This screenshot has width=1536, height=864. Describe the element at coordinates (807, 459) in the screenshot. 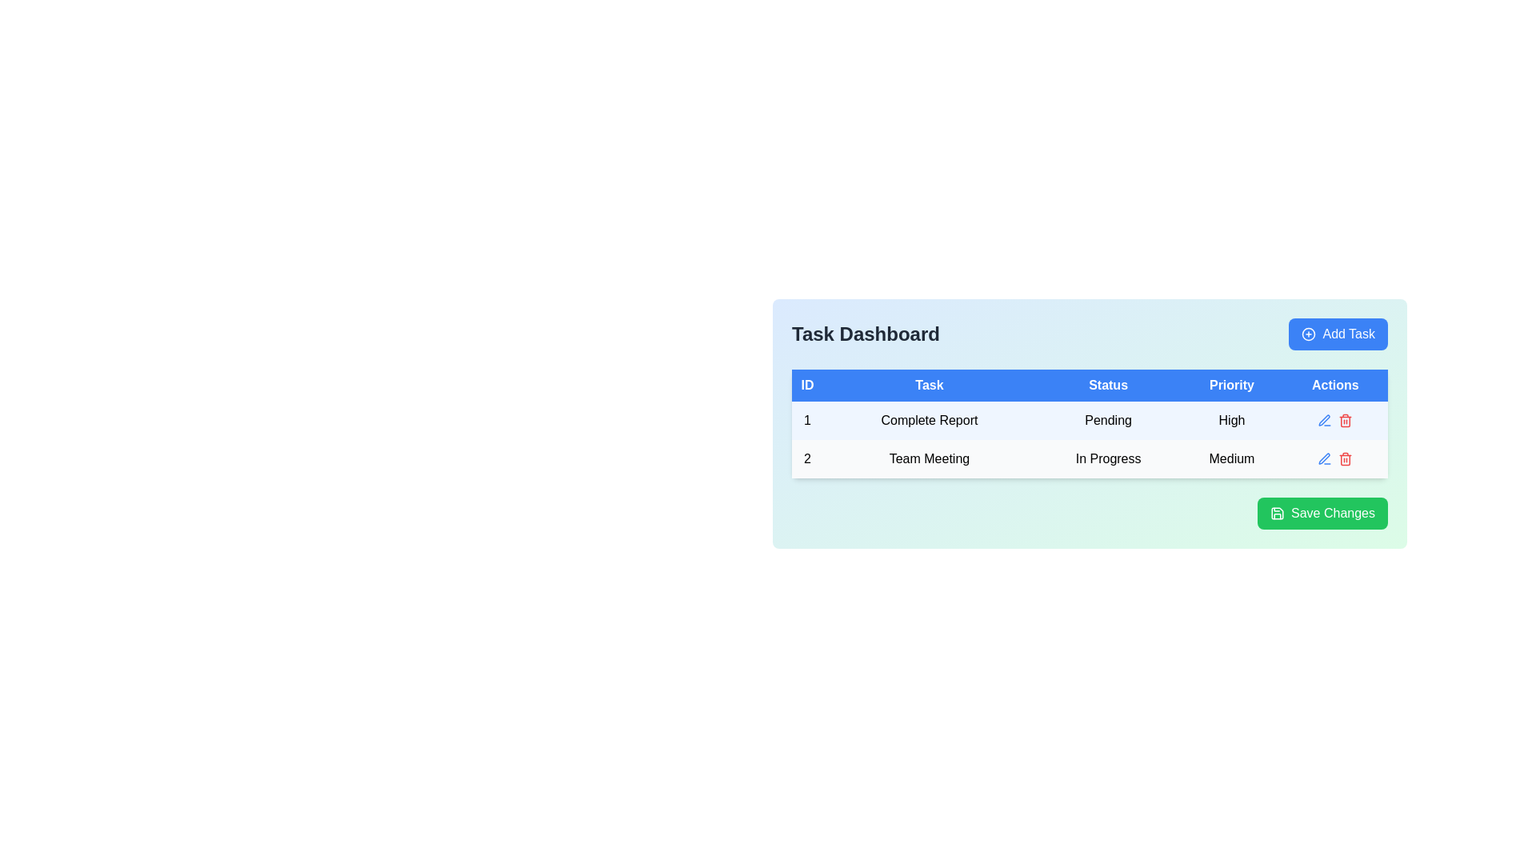

I see `the Text Label displaying the serial number for the task titled 'Team Meeting', located in the second row under the 'ID' column` at that location.